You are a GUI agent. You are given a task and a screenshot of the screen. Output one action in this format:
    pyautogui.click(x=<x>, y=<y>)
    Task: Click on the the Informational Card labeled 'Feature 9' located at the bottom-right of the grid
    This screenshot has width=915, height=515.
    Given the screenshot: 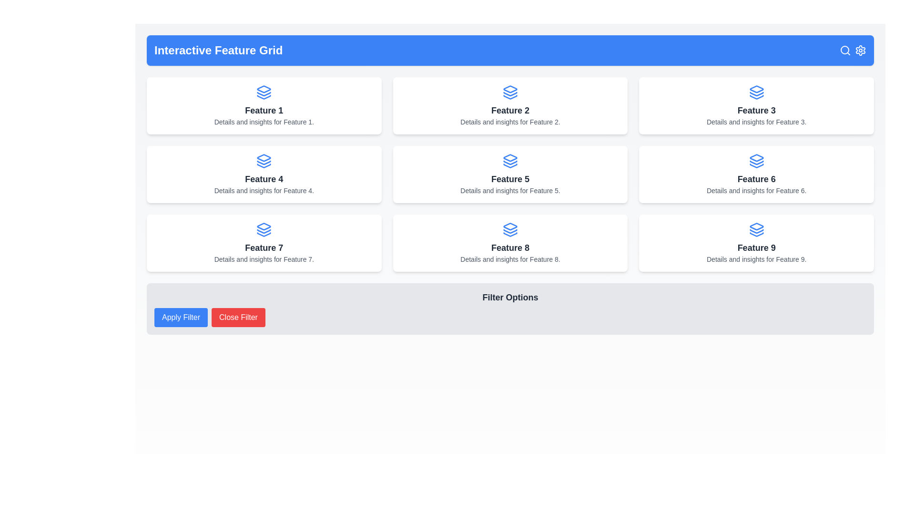 What is the action you would take?
    pyautogui.click(x=756, y=242)
    